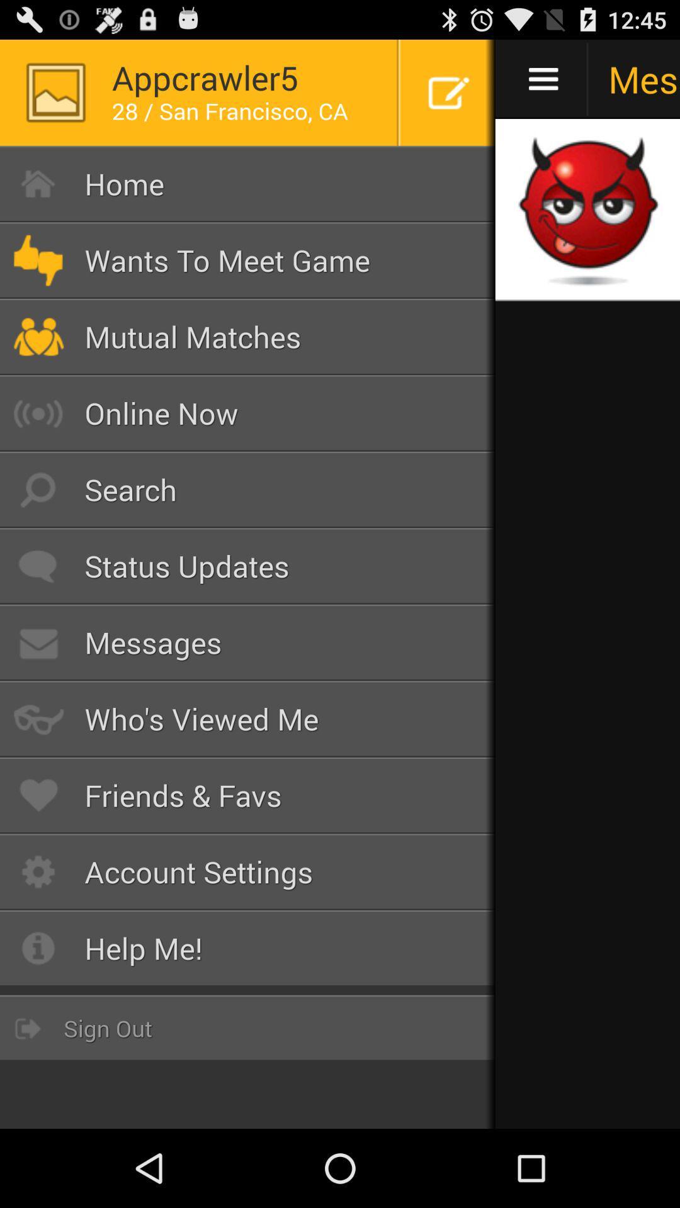 This screenshot has width=680, height=1208. Describe the element at coordinates (247, 183) in the screenshot. I see `button above wants to meet icon` at that location.